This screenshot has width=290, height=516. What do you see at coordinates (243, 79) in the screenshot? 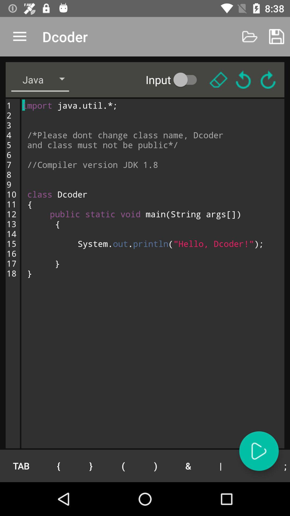
I see `the refresh icon` at bounding box center [243, 79].